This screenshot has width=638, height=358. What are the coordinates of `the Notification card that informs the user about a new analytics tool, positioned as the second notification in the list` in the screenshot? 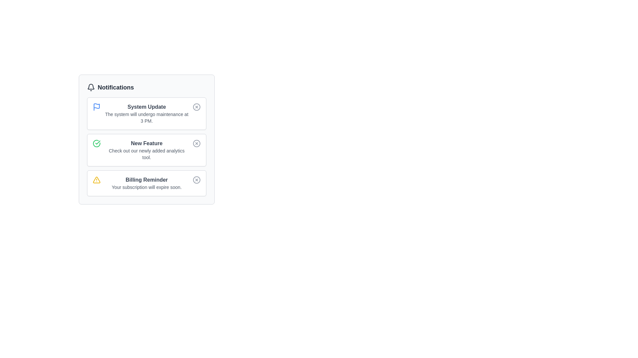 It's located at (146, 150).